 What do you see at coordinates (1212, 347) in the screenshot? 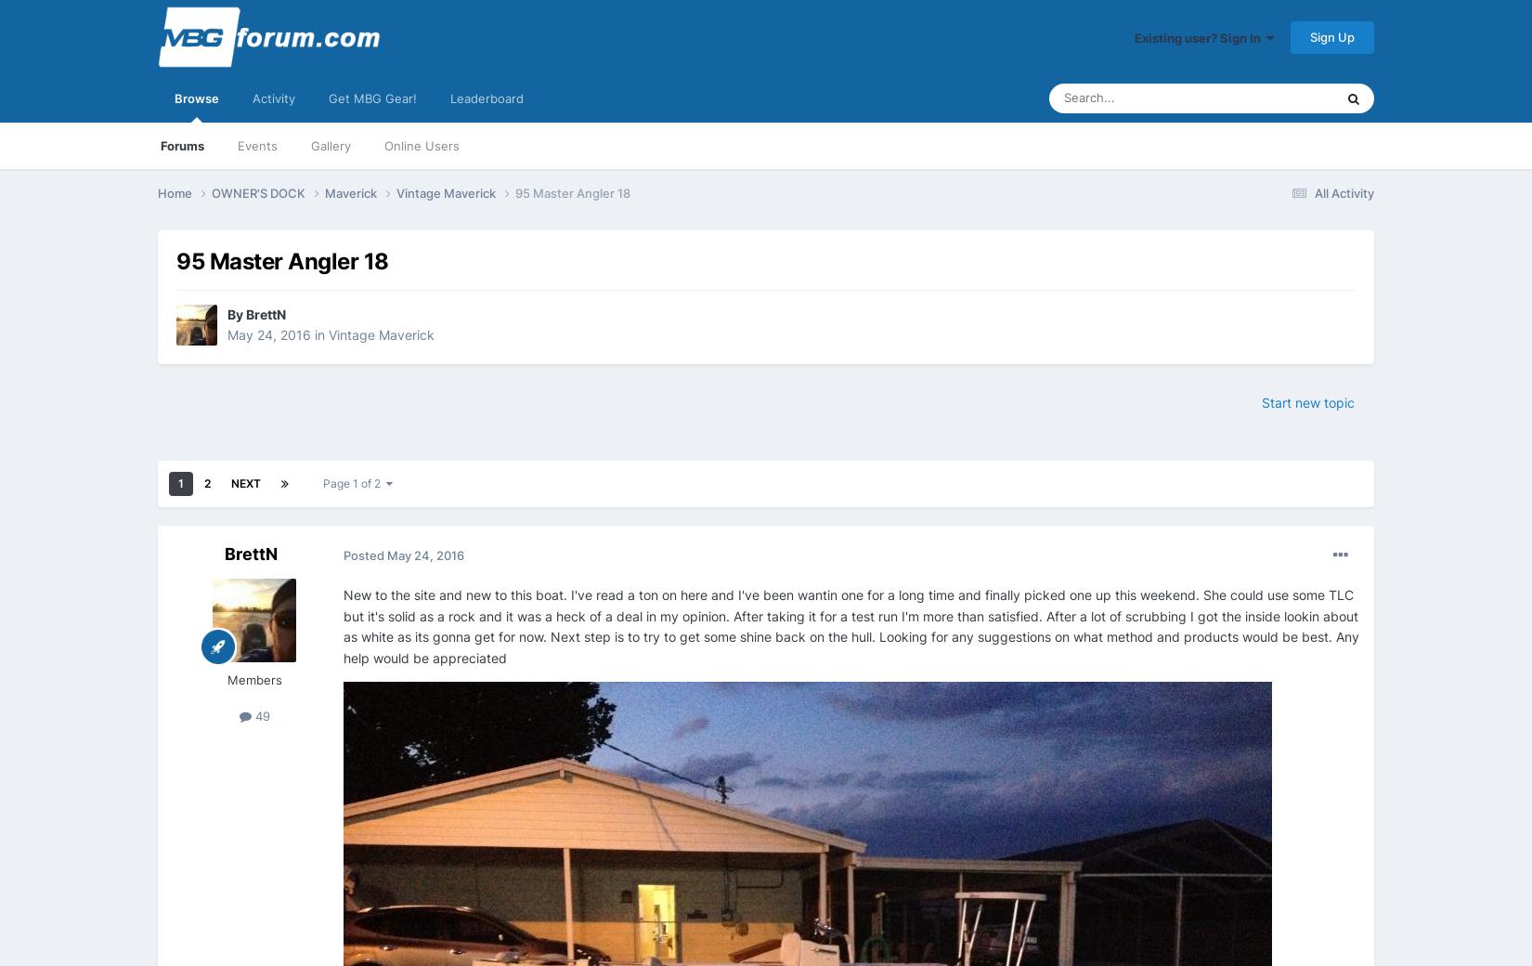
I see `'Albums'` at bounding box center [1212, 347].